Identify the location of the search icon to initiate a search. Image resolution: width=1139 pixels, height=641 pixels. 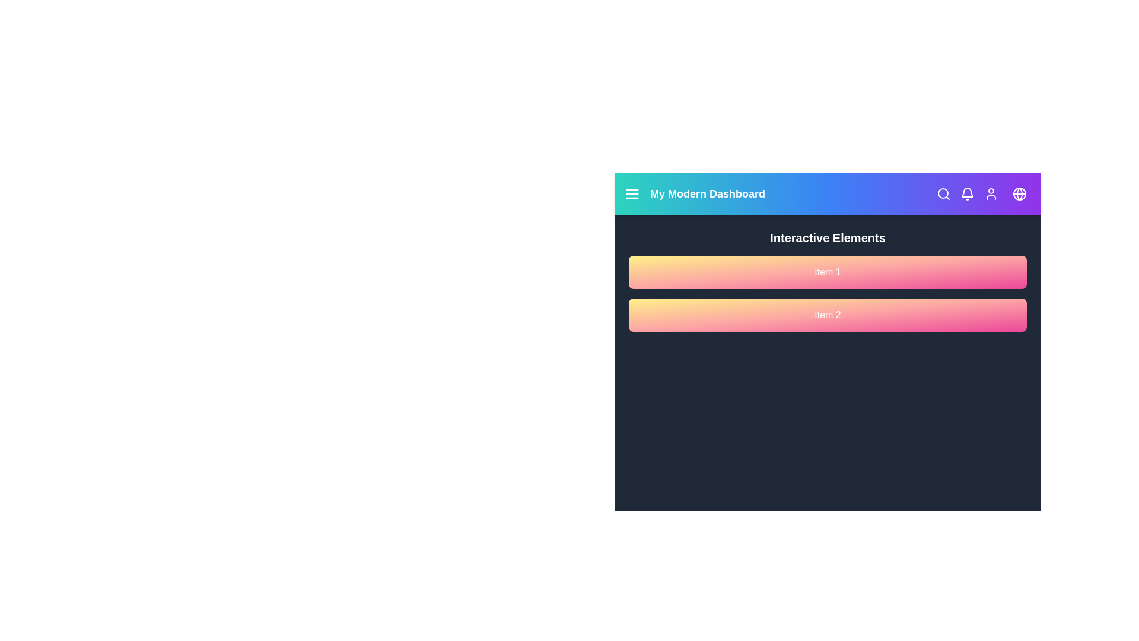
(943, 193).